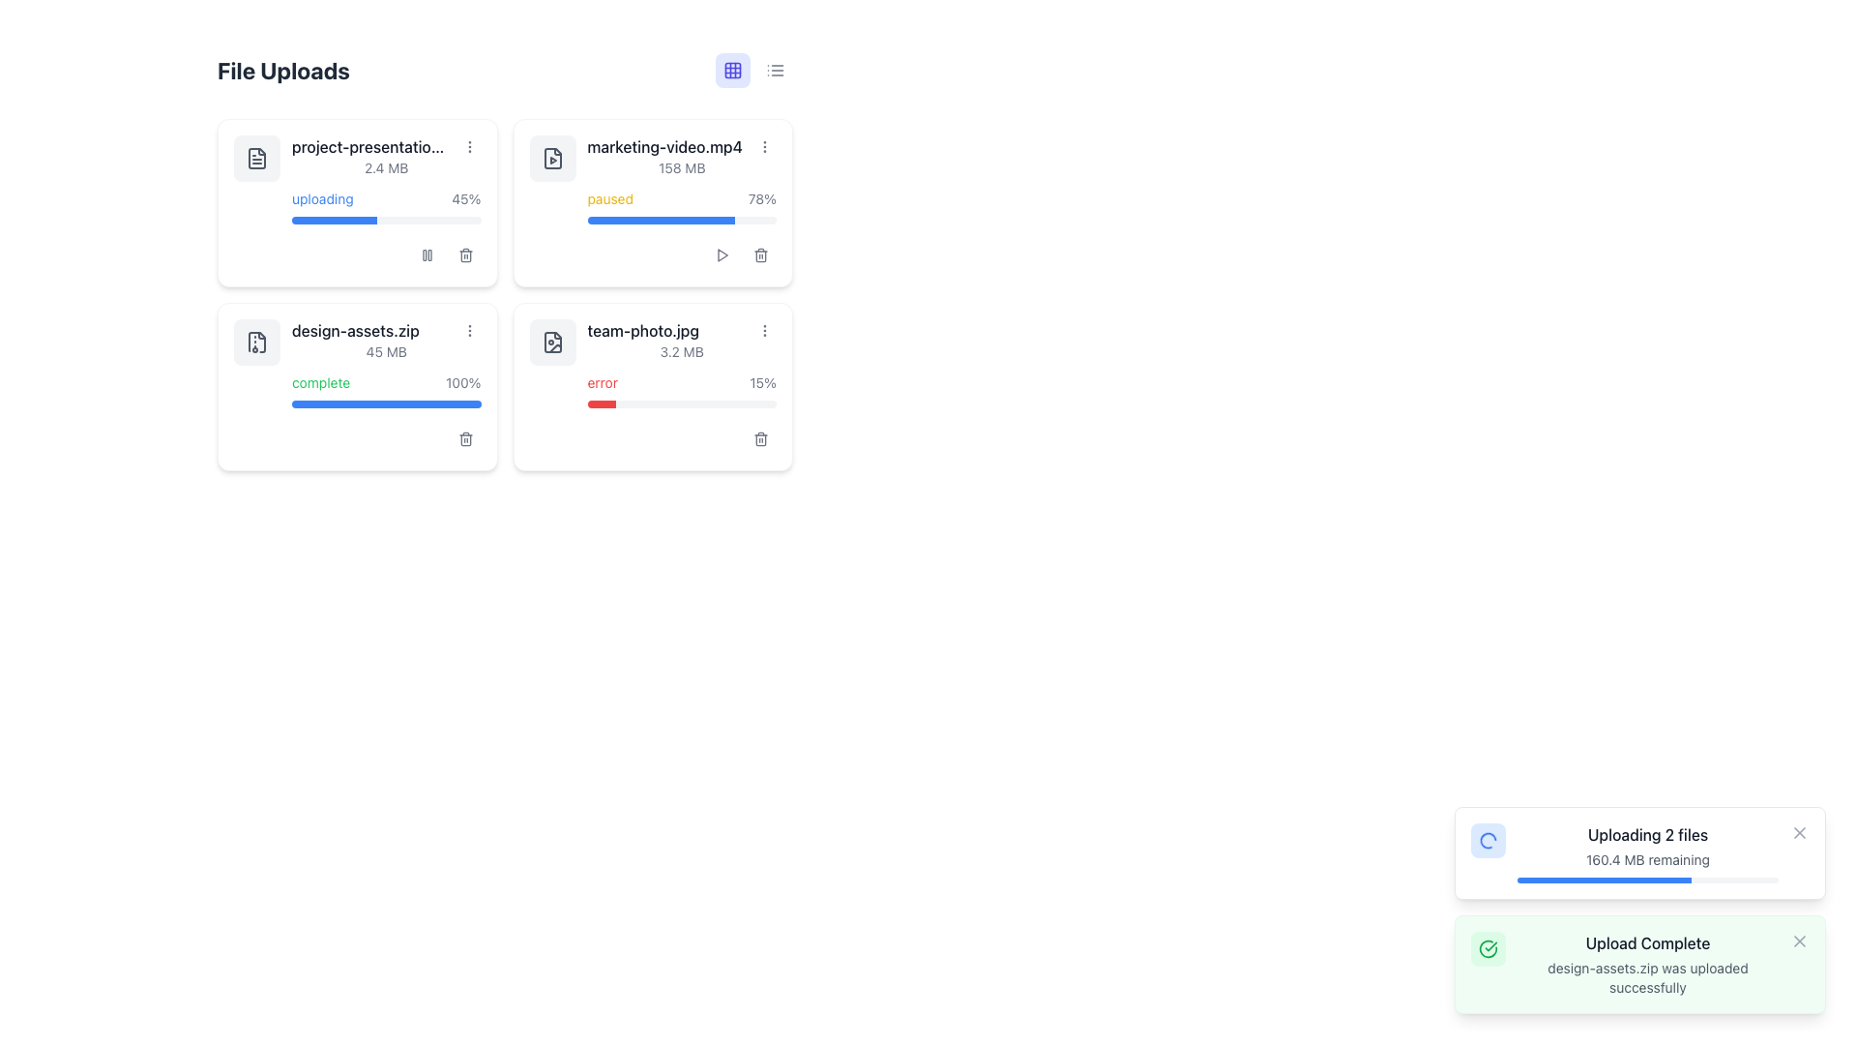 The width and height of the screenshot is (1857, 1045). I want to click on the triangular play button located to the right of the progress bar for 'marketing-video.mp4' in the 'File Uploads' section to play or resume the upload, so click(722, 254).